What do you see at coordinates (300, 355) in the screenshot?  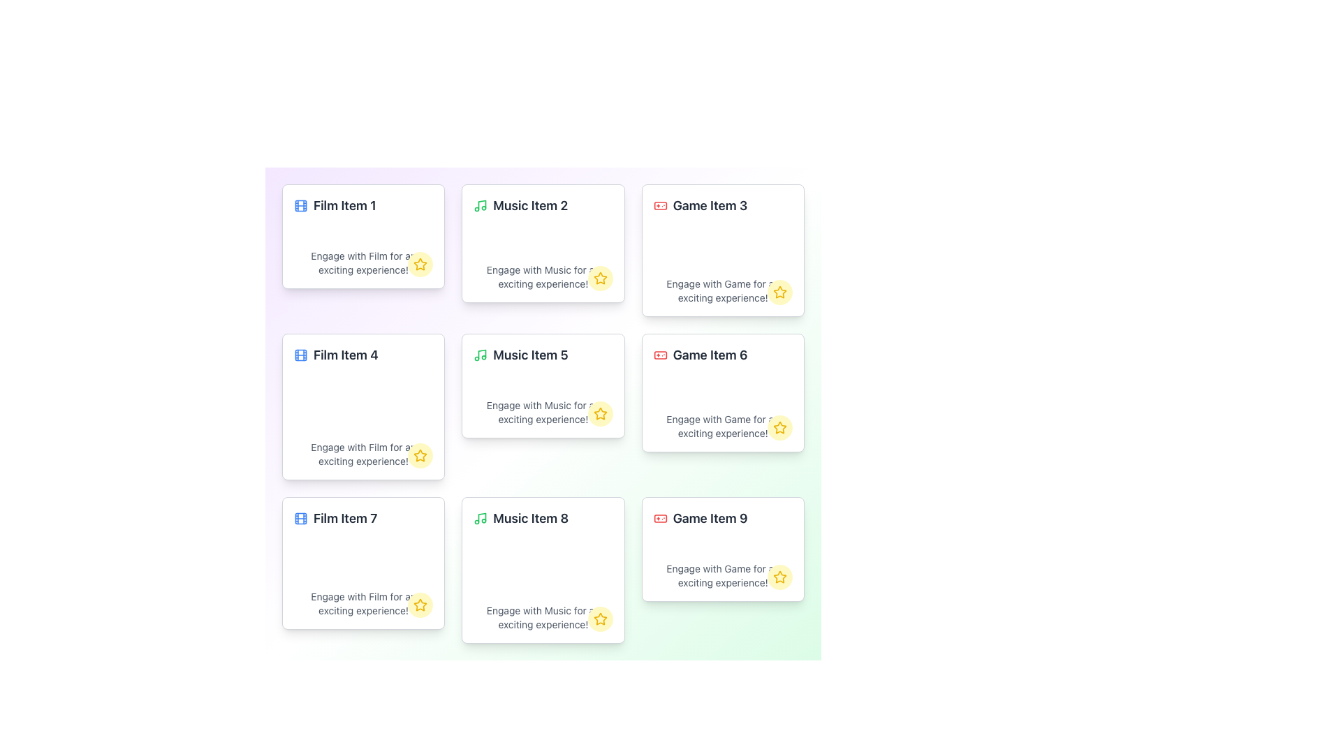 I see `the rectangular element with a blue outline located in the upper left corner of the 'Film Item 1' icon` at bounding box center [300, 355].